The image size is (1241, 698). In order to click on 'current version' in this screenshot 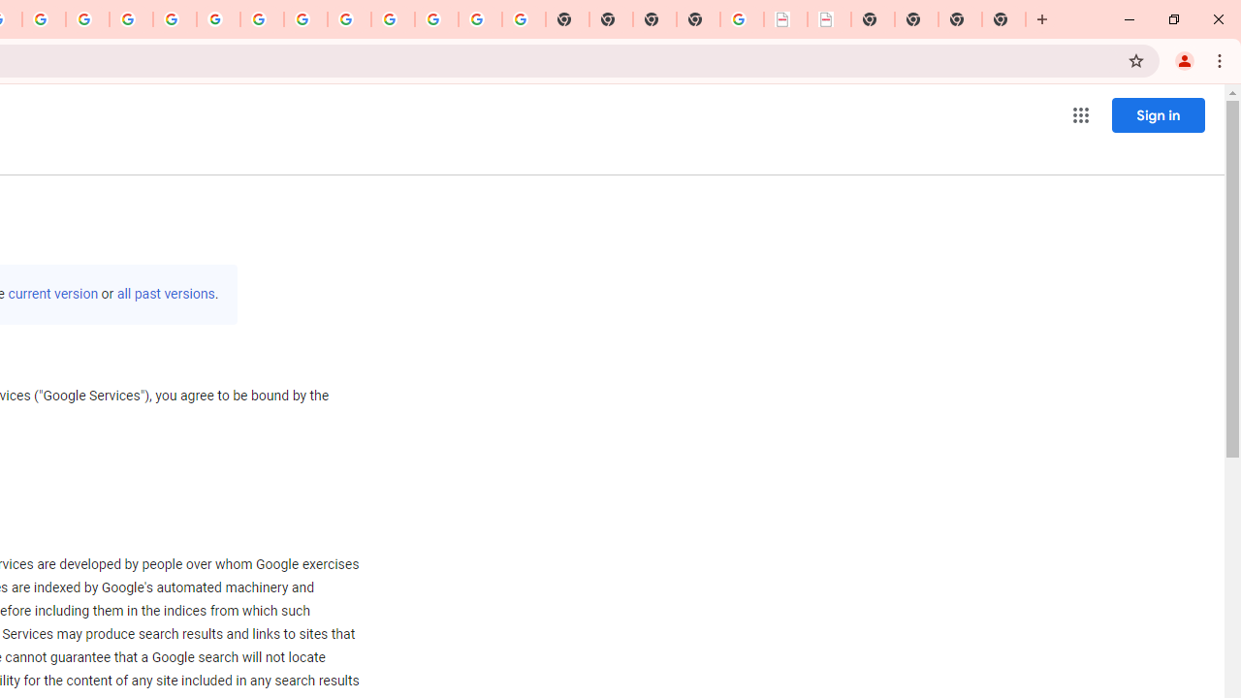, I will do `click(53, 294)`.